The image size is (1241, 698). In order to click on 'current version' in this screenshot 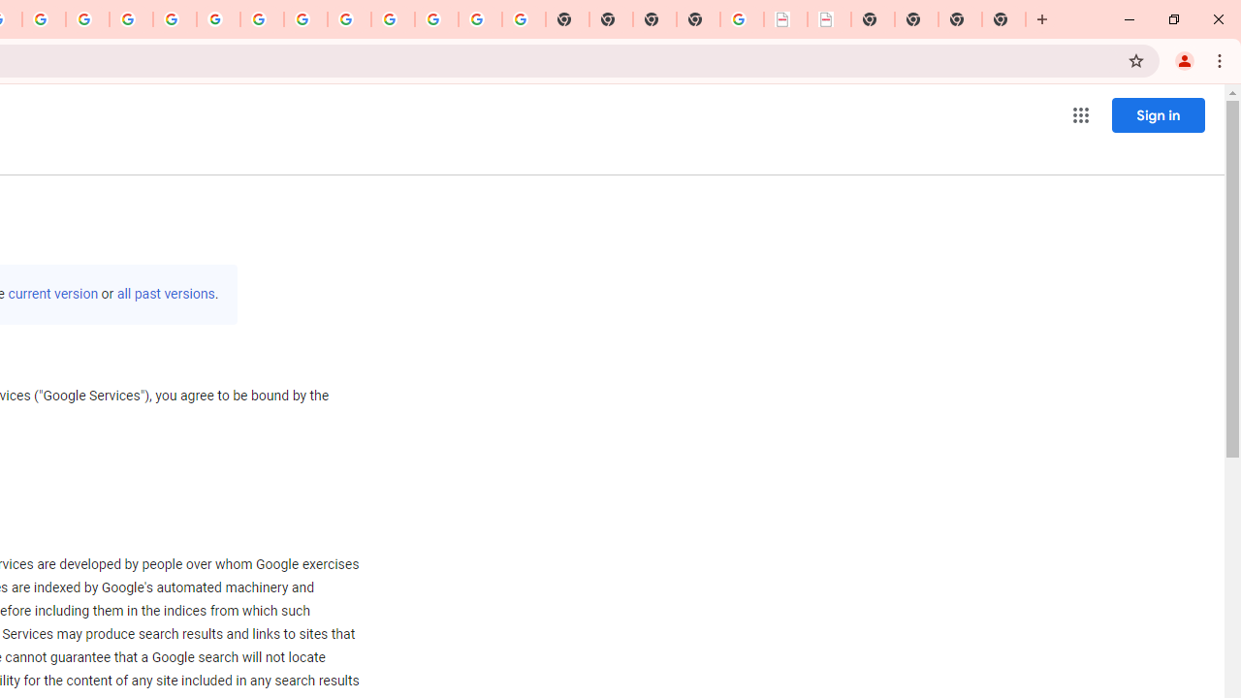, I will do `click(53, 294)`.